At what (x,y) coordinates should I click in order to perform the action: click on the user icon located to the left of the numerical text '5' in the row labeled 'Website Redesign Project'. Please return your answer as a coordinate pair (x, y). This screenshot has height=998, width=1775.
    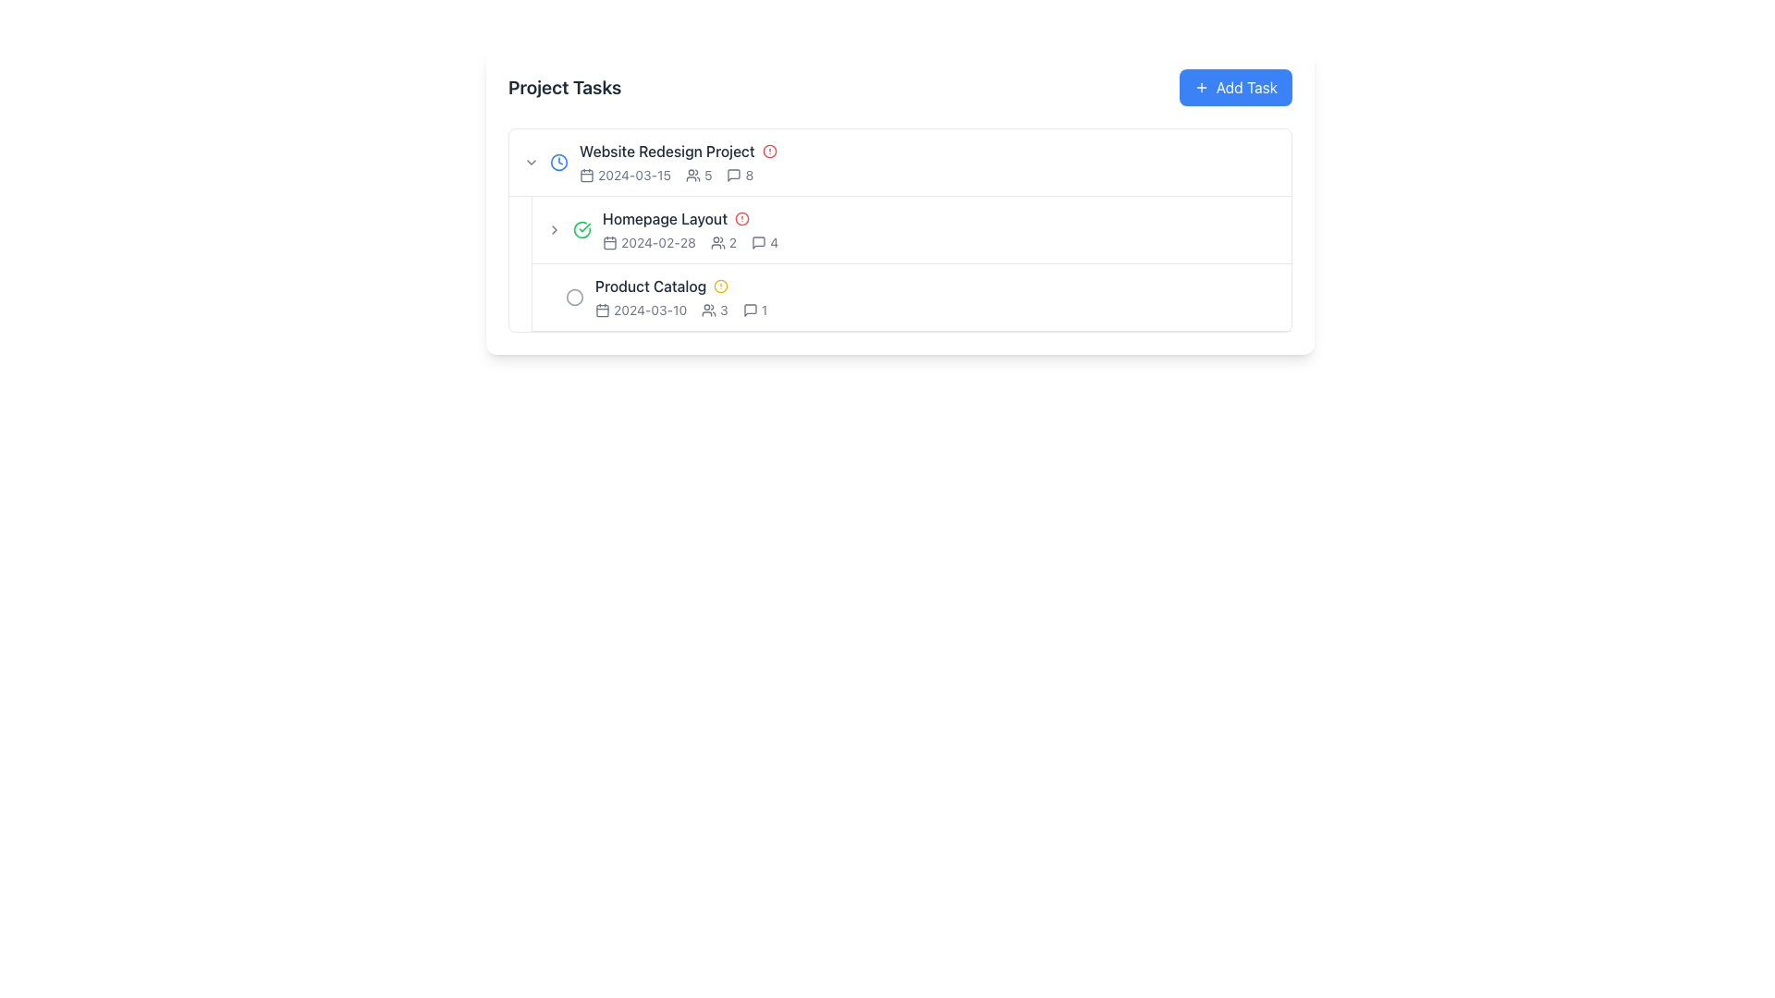
    Looking at the image, I should click on (692, 175).